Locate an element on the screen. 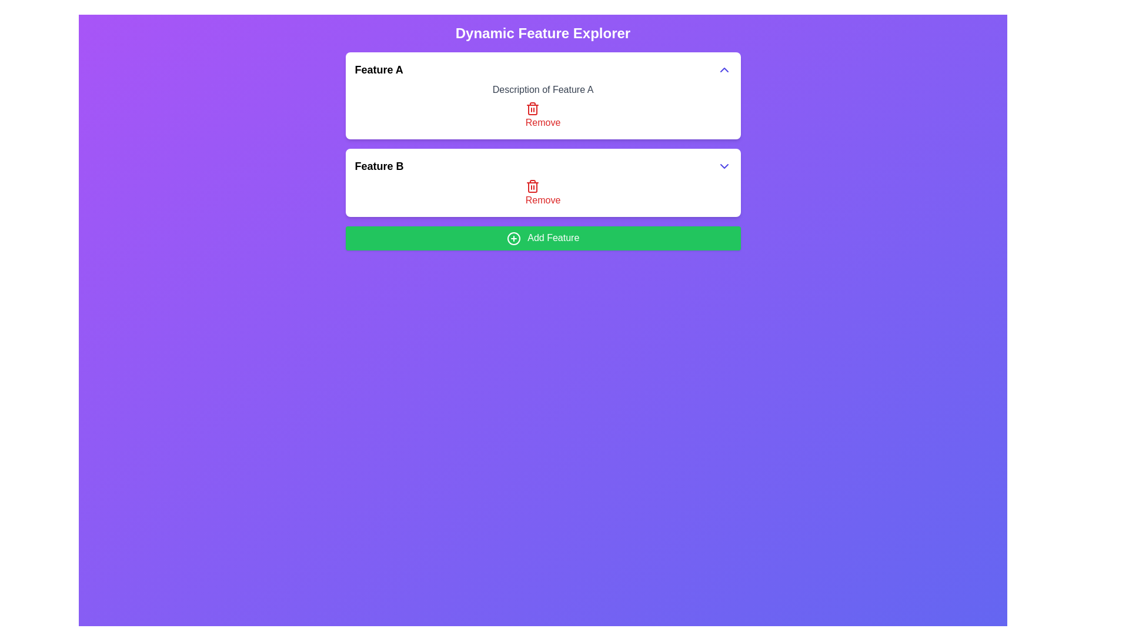  the text label displaying 'Description of Feature A', which is located below the title 'Feature A' and above the 'Remove' option is located at coordinates (542, 89).